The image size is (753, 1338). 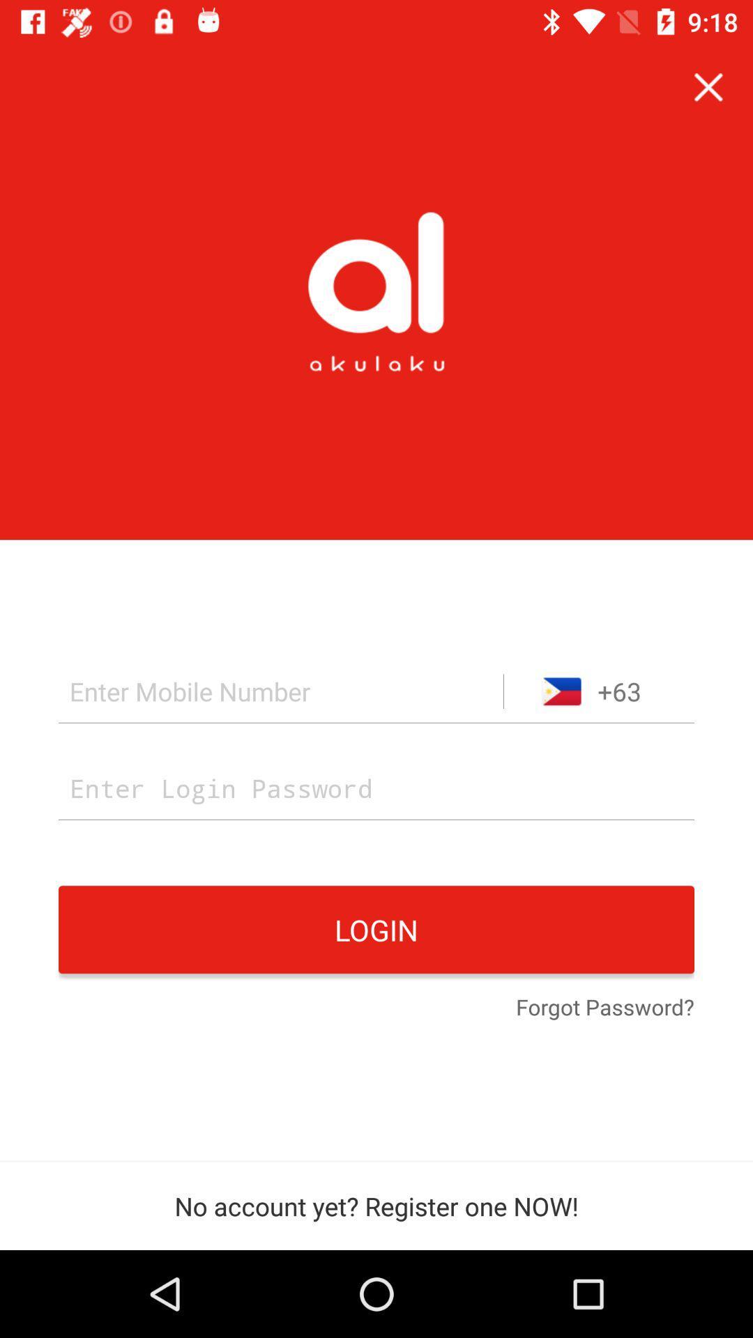 What do you see at coordinates (281, 691) in the screenshot?
I see `phone number` at bounding box center [281, 691].